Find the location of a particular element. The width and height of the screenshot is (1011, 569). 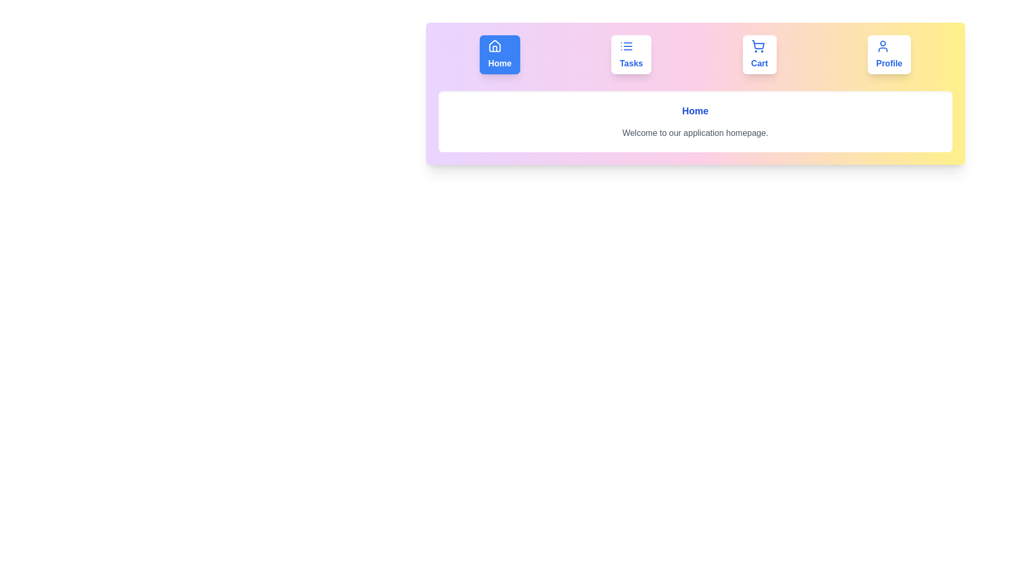

the tab labeled 'Profile' is located at coordinates (888, 55).